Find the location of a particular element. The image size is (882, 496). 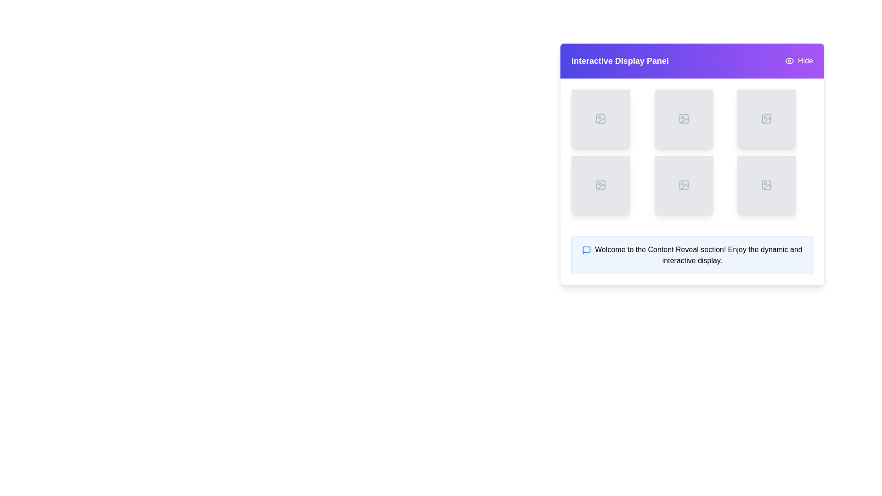

the primary outline component of the eye icon located in the top-right corner of the interactive display panel, adjacent to the 'Hide' label is located at coordinates (789, 61).